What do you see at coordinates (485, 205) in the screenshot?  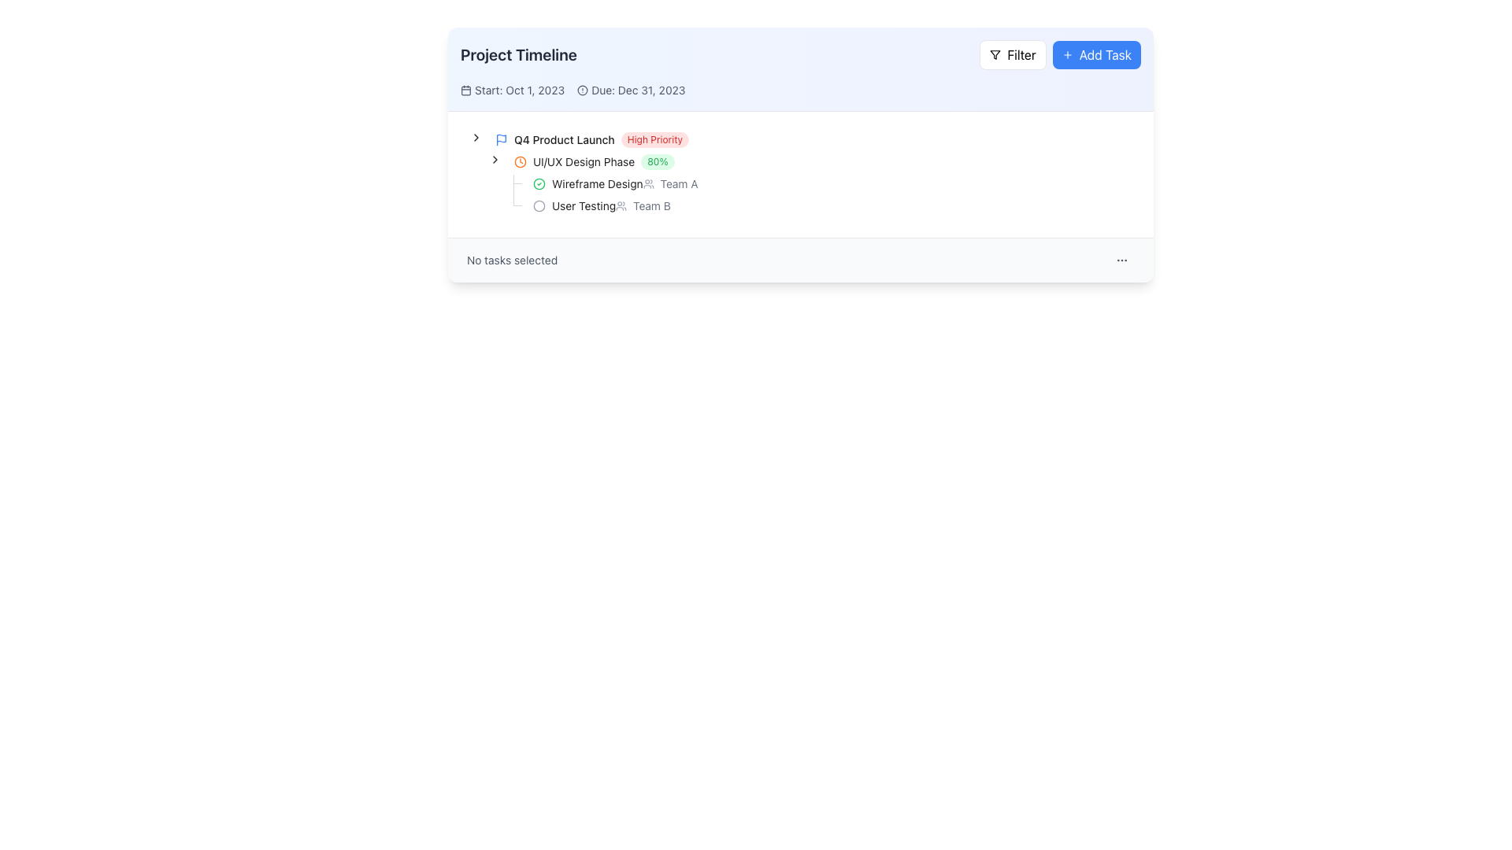 I see `the Indentation element, which is a static visual component that serves as a horizontal indented spacer in a tree structure, located preceding the toggle button and content wrapper for 'User Testing, Team B'` at bounding box center [485, 205].